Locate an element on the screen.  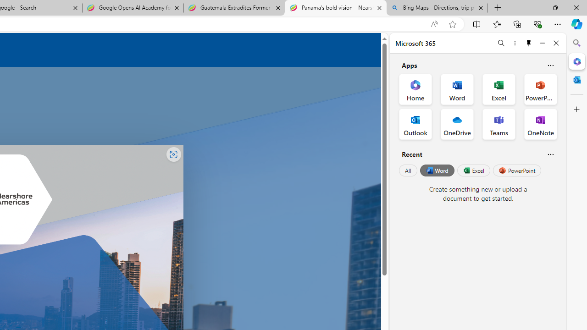
'PowerPoint' is located at coordinates (517, 170).